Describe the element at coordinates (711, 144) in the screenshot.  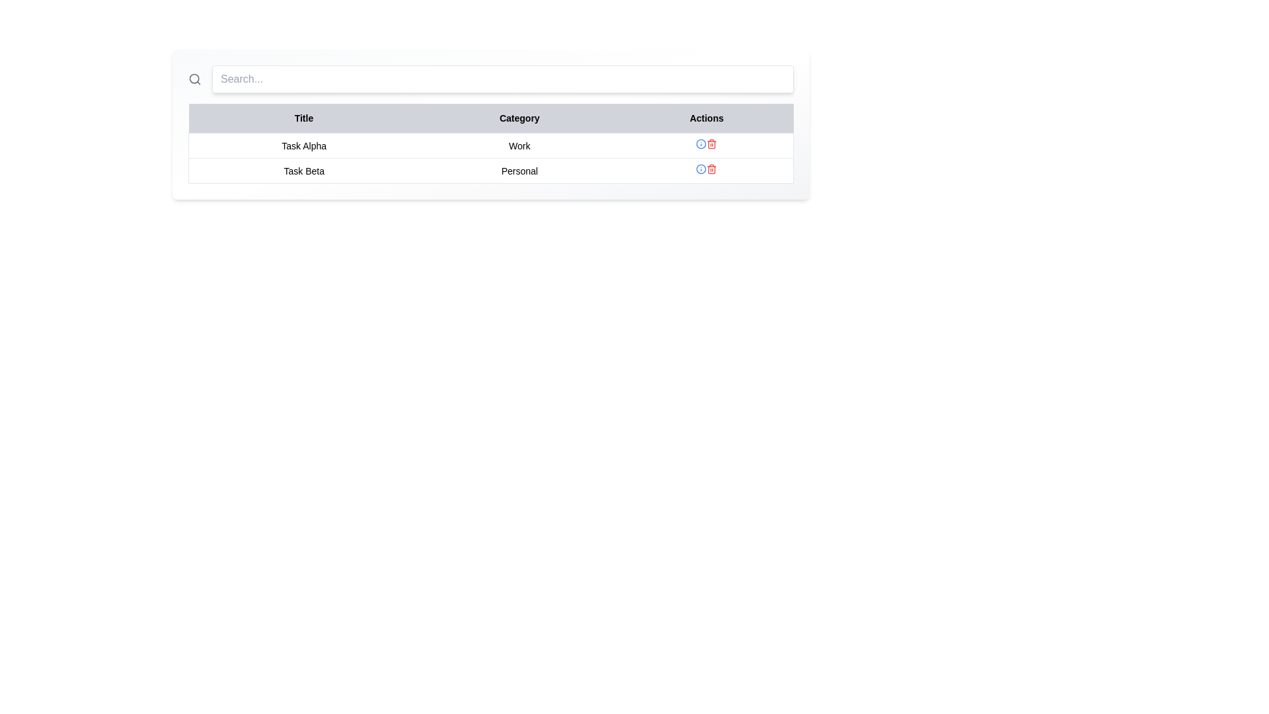
I see `the Icon Button in the 'Actions' column of the table row corresponding to the 'Work' category` at that location.